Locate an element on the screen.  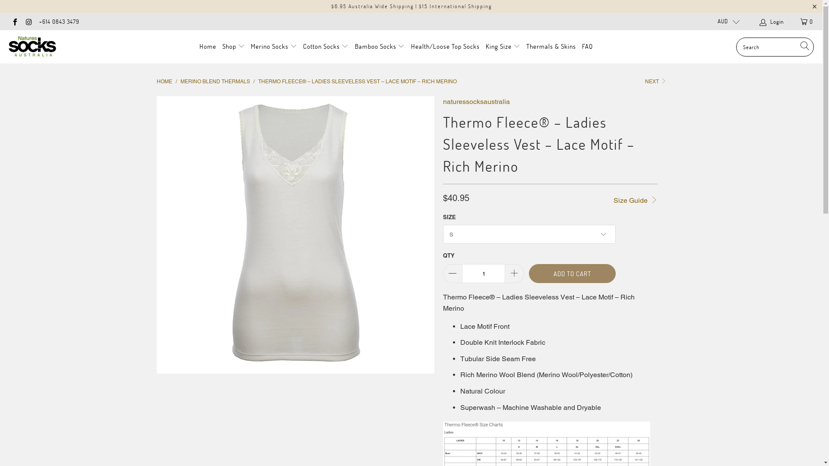
'Health/Loose Top Socks' is located at coordinates (445, 47).